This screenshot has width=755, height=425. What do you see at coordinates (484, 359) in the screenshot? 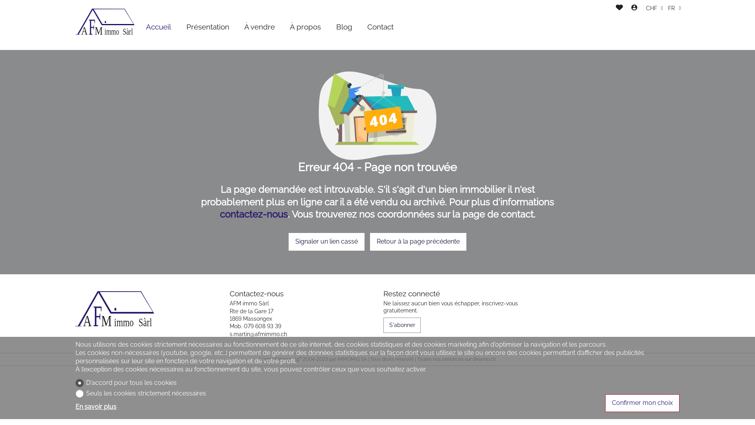
I see `'dreamo.ch'` at bounding box center [484, 359].